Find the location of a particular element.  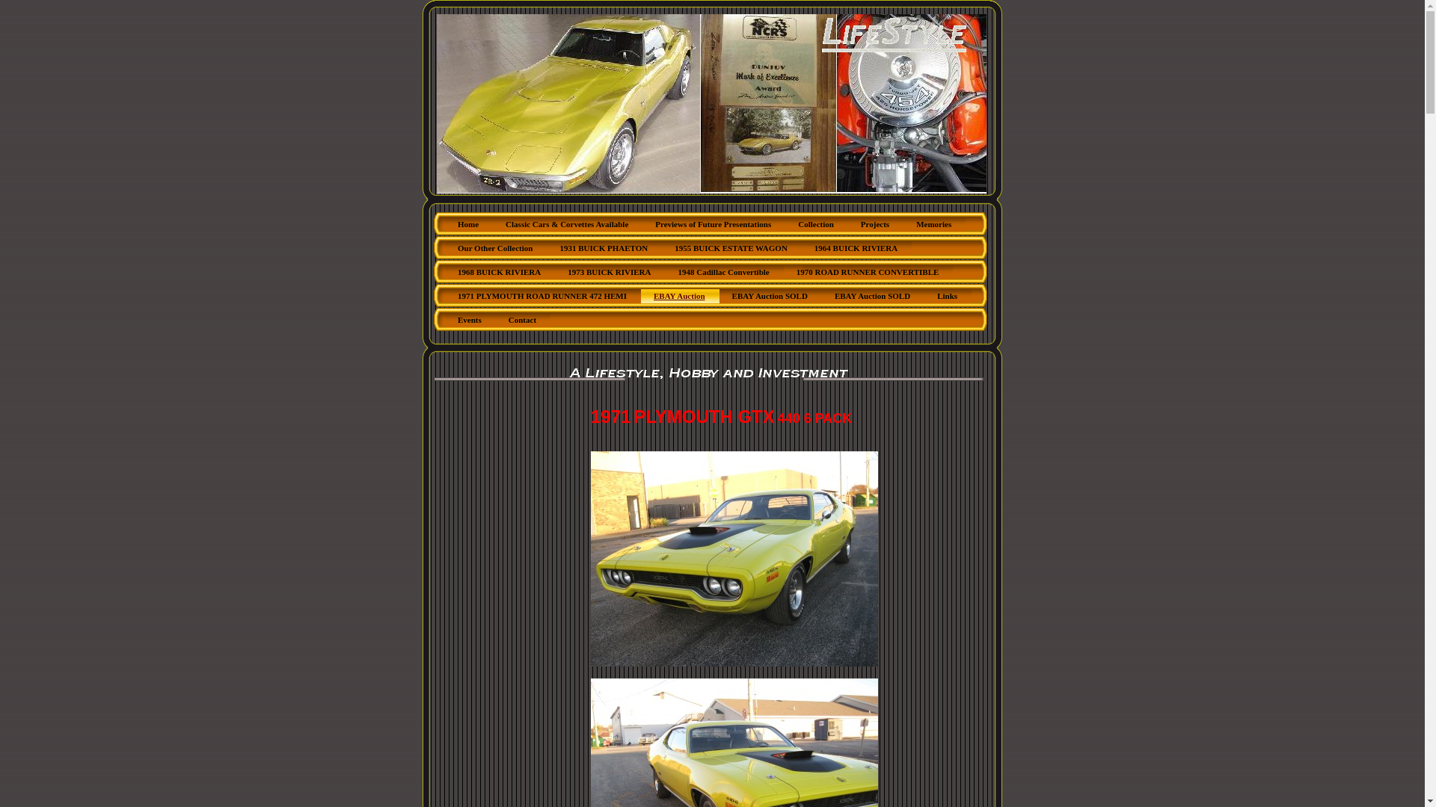

'1948 Cadillac Convertible' is located at coordinates (664, 273).